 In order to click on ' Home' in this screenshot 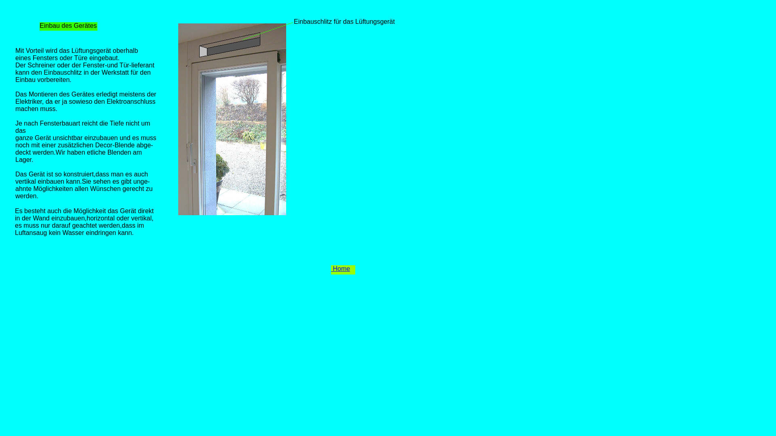, I will do `click(340, 268)`.